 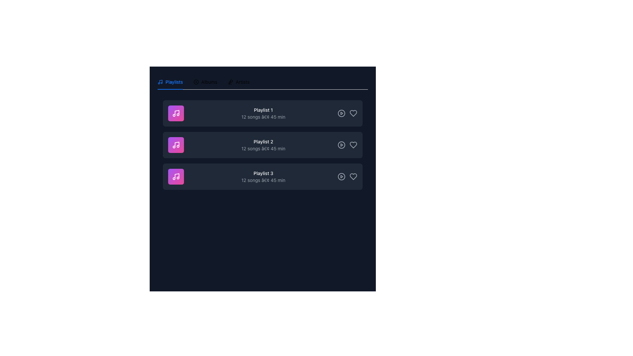 I want to click on the 'Playlist 2' text label, which is styled in white font on a dark background and is part of a playlist listing card, positioned above the details about the playlist's content, so click(x=263, y=141).